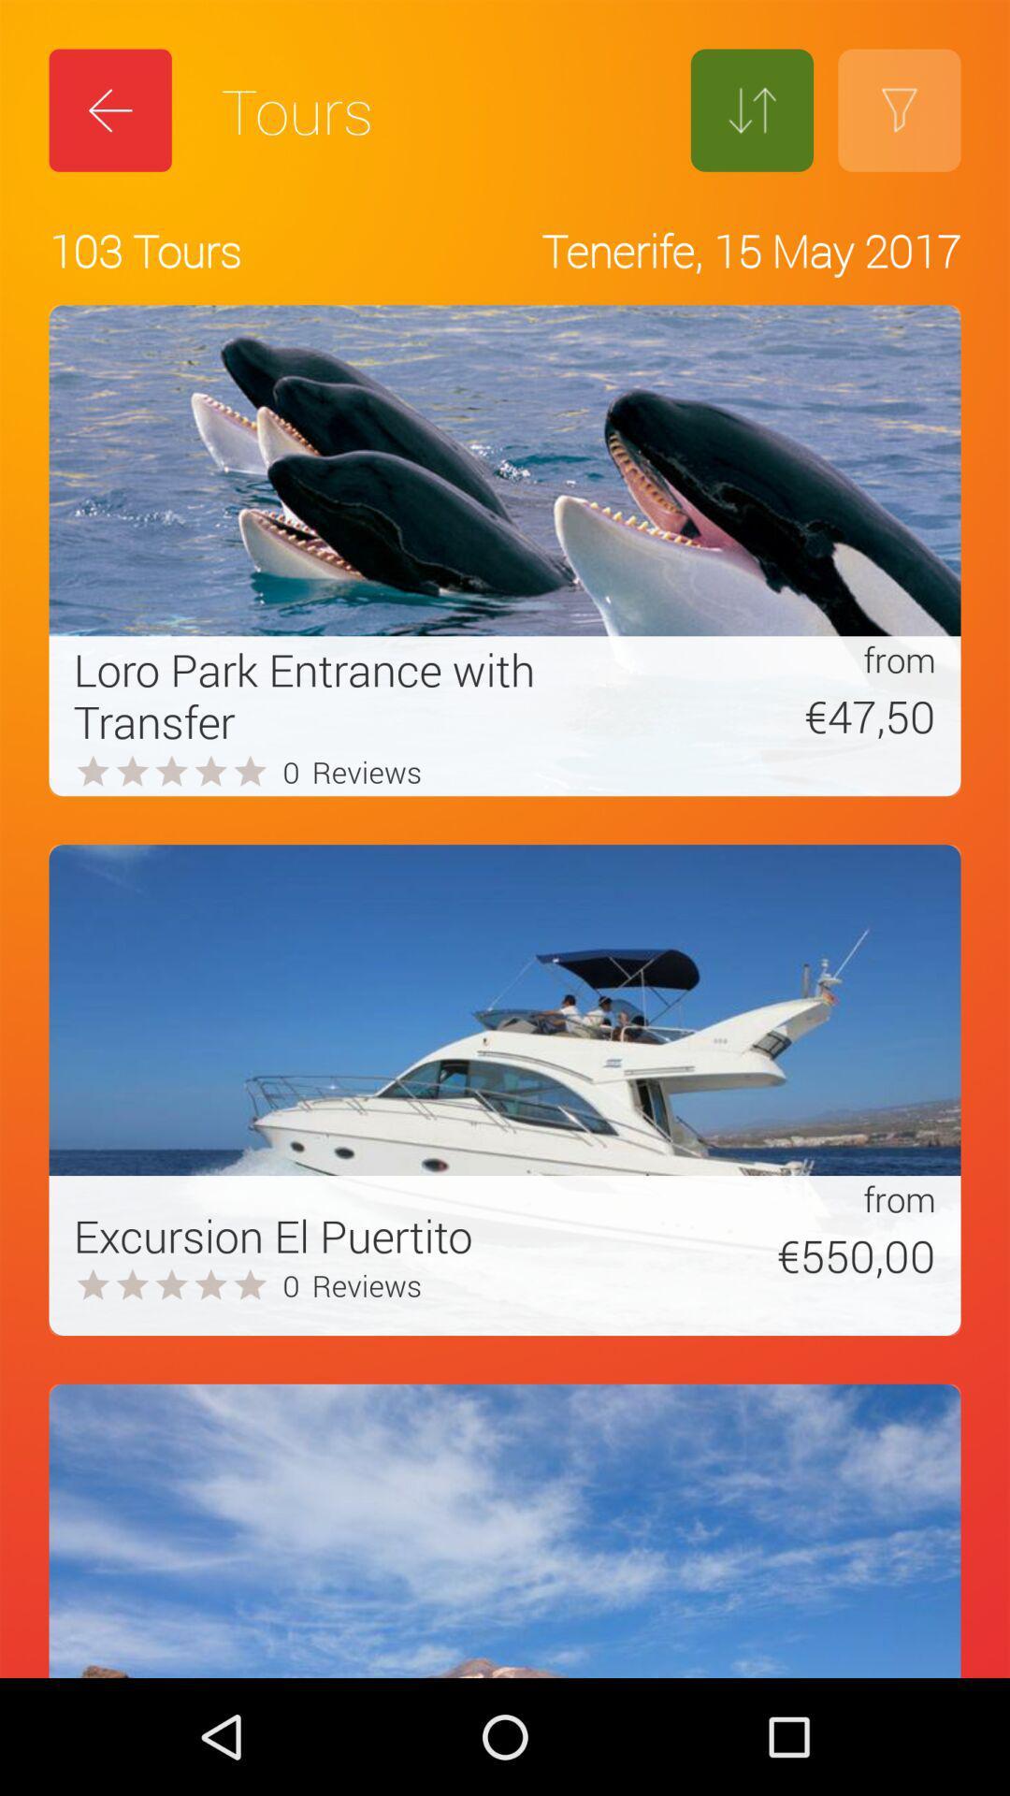 Image resolution: width=1010 pixels, height=1796 pixels. I want to click on icon to the left of tours icon, so click(110, 109).